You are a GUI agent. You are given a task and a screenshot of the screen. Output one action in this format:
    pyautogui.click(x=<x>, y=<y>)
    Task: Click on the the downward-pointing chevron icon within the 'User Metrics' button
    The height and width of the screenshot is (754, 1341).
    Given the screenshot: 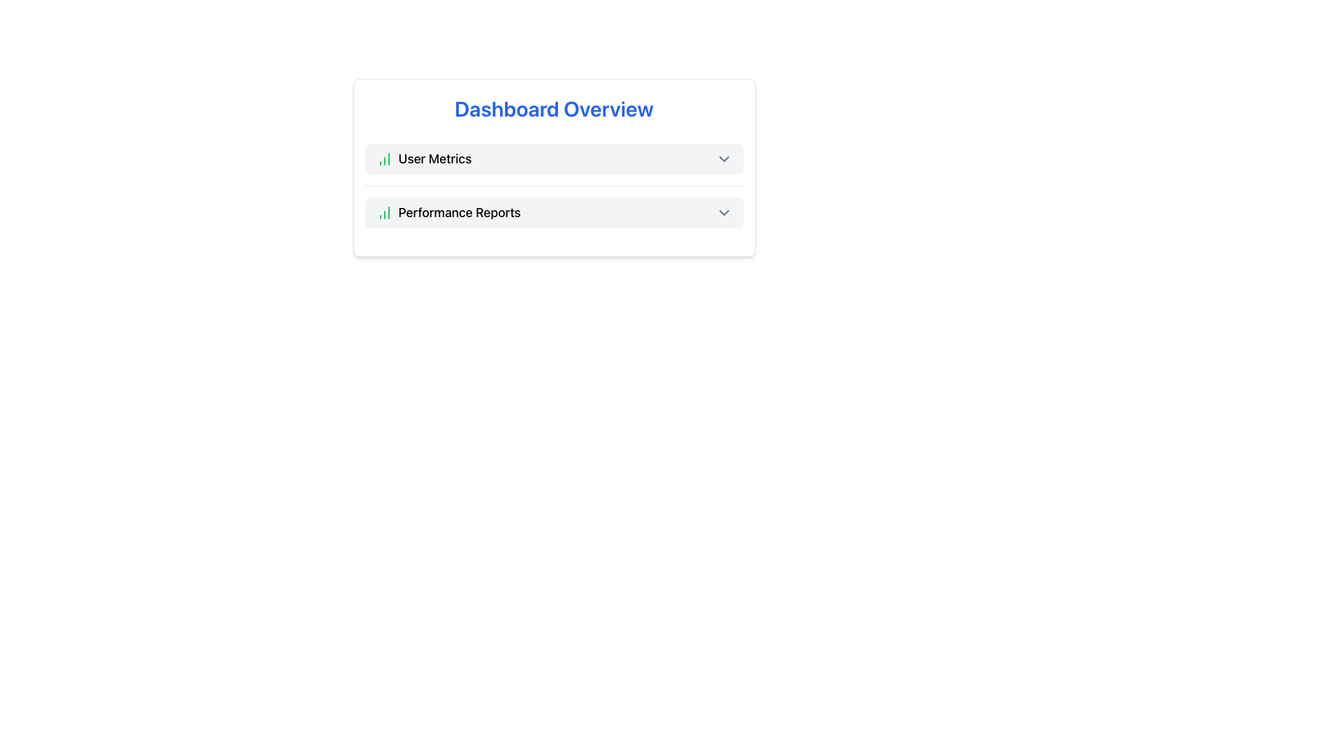 What is the action you would take?
    pyautogui.click(x=724, y=158)
    